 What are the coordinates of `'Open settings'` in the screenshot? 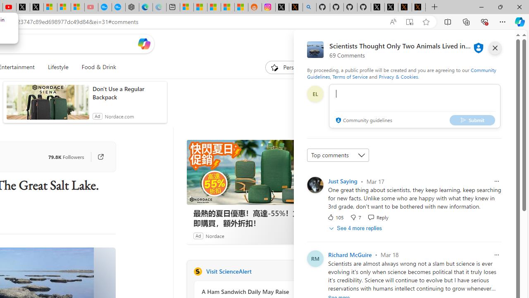 It's located at (502, 43).